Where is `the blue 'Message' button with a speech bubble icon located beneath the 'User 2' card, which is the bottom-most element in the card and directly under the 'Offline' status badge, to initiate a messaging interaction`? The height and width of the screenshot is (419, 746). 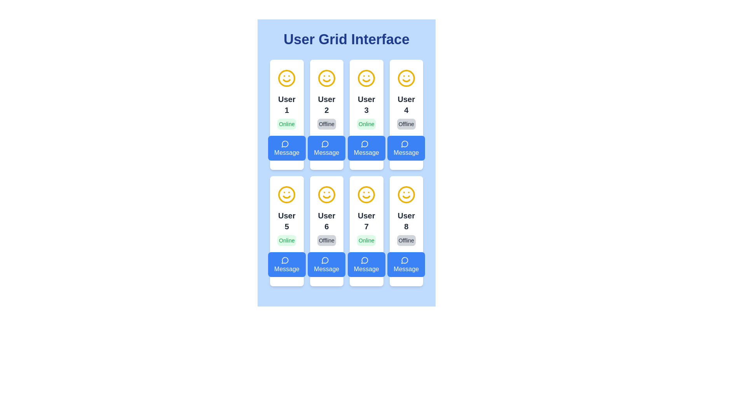 the blue 'Message' button with a speech bubble icon located beneath the 'User 2' card, which is the bottom-most element in the card and directly under the 'Offline' status badge, to initiate a messaging interaction is located at coordinates (326, 148).